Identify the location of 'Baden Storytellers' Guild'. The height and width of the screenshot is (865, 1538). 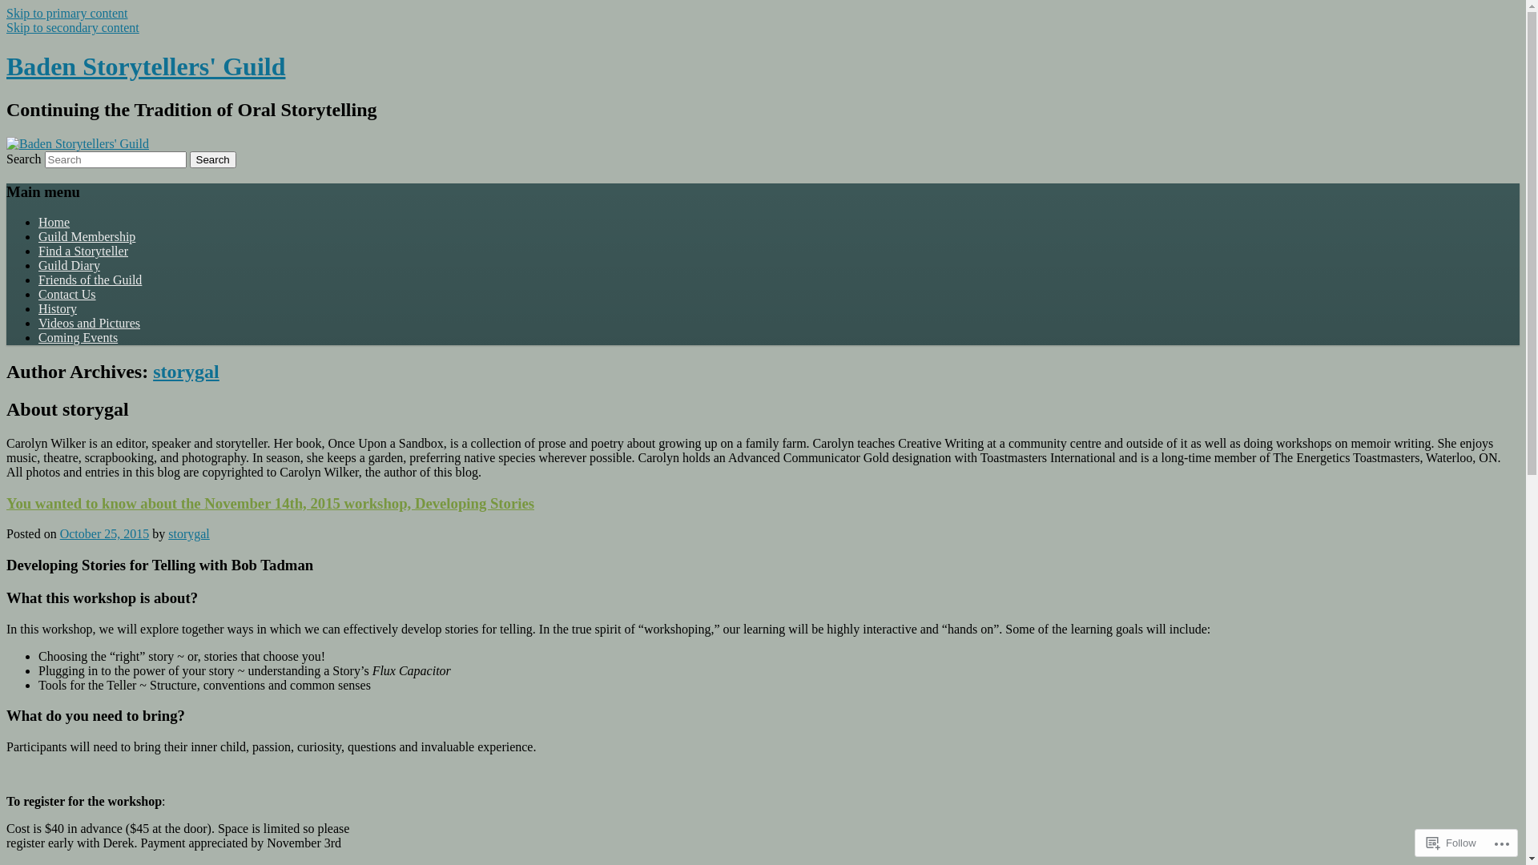
(146, 66).